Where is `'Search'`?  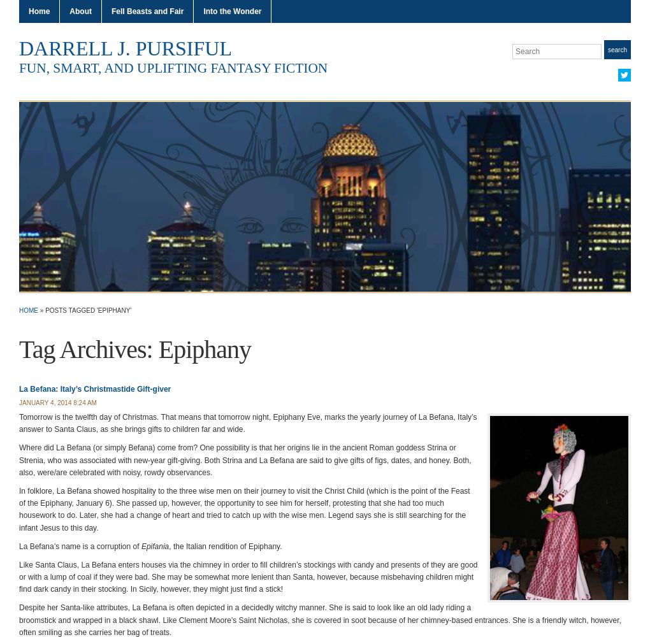
'Search' is located at coordinates (616, 48).